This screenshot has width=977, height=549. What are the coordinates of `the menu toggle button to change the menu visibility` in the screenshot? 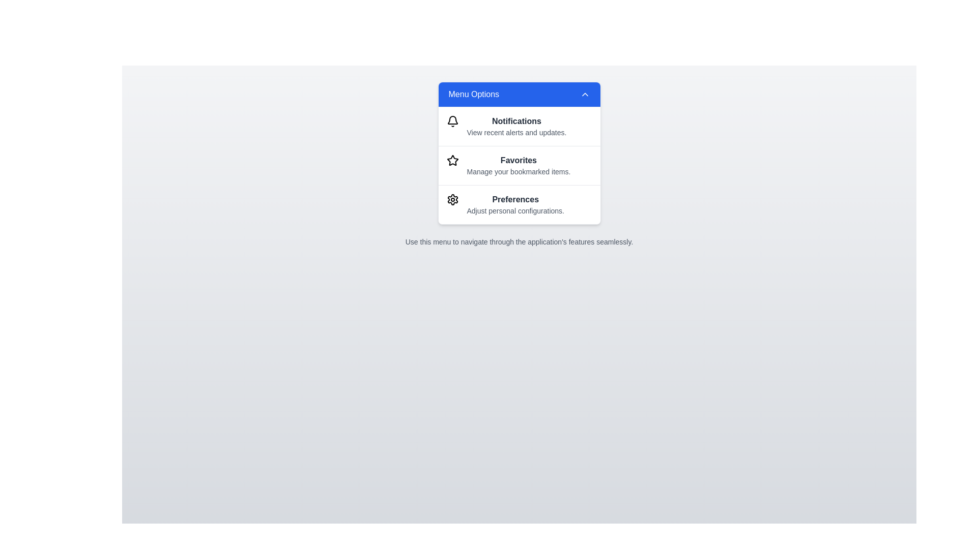 It's located at (519, 94).